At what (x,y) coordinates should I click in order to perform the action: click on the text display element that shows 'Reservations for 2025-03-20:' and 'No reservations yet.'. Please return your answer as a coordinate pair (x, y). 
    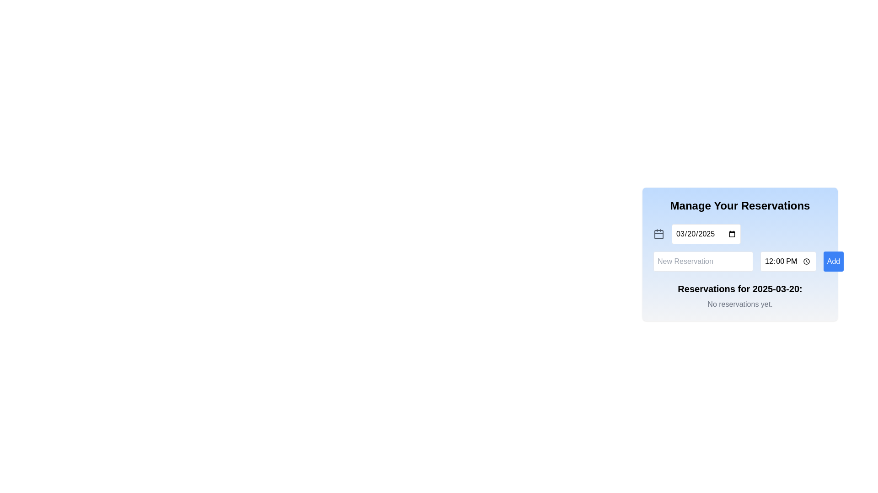
    Looking at the image, I should click on (740, 296).